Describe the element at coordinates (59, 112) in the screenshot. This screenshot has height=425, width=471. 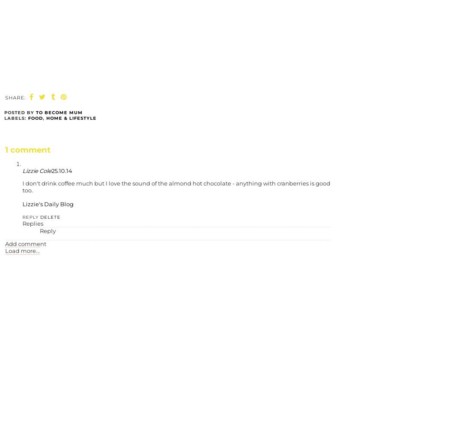
I see `'To Become Mum'` at that location.